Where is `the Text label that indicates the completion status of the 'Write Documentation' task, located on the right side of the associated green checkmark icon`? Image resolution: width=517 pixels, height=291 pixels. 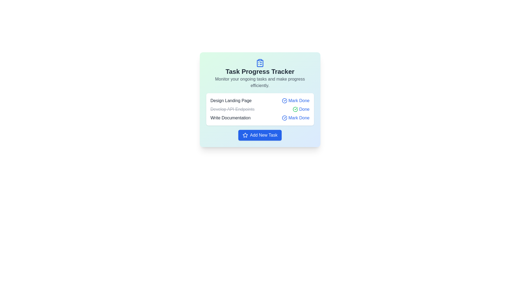
the Text label that indicates the completion status of the 'Write Documentation' task, located on the right side of the associated green checkmark icon is located at coordinates (304, 109).